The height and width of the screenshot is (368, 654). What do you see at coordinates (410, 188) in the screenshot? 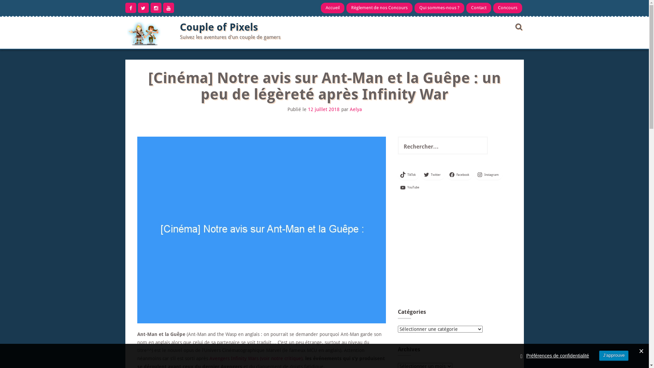
I see `'YouTube'` at bounding box center [410, 188].